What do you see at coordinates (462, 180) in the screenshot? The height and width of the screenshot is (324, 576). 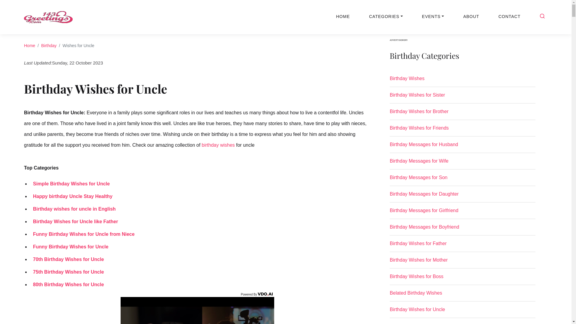 I see `'Birthday Messages for Son'` at bounding box center [462, 180].